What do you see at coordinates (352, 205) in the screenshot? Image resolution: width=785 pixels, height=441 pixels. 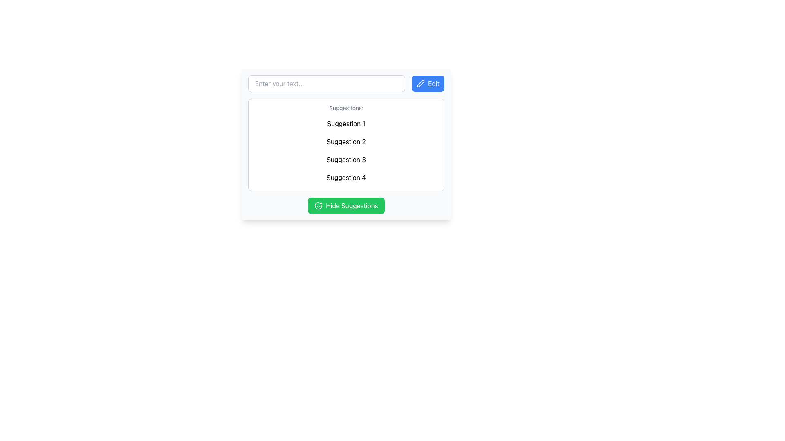 I see `the green button labeled 'Hide Suggestions' which is located at the bottom center of the interface` at bounding box center [352, 205].